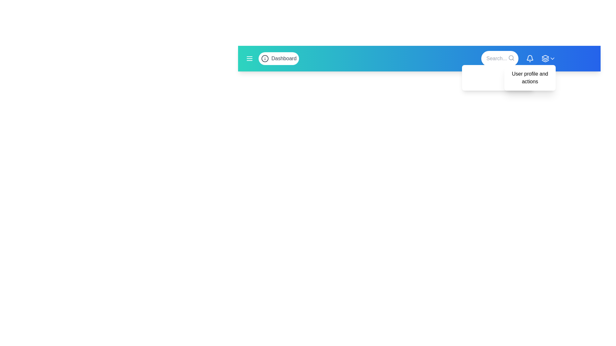 The image size is (616, 346). Describe the element at coordinates (511, 58) in the screenshot. I see `the circular graphical item within the search icon located in the upper-right section of the interface` at that location.